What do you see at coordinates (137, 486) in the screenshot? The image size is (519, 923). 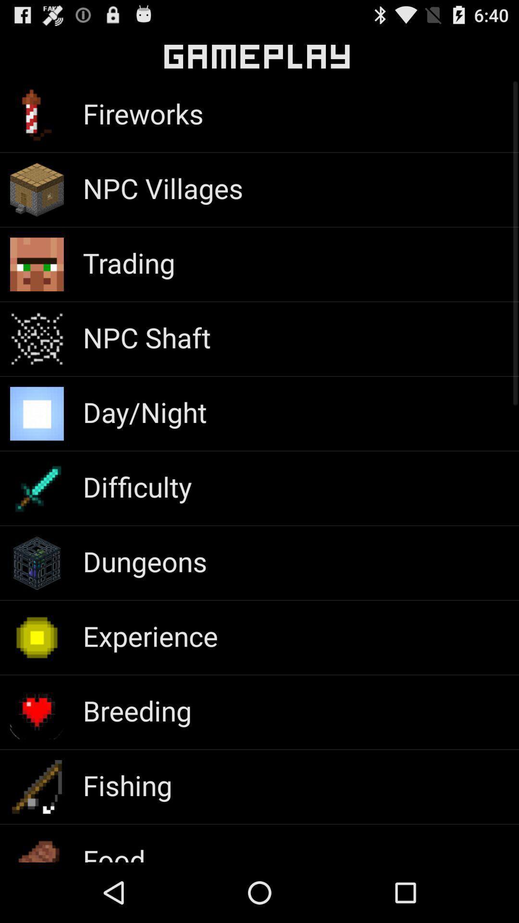 I see `the difficulty icon` at bounding box center [137, 486].